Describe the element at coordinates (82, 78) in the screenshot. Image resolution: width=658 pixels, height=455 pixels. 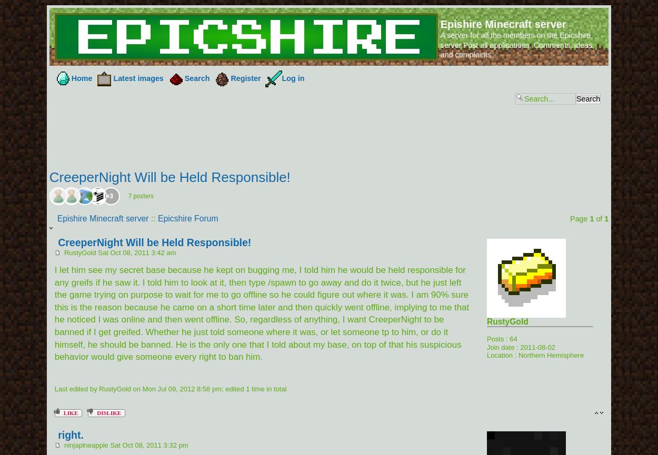
I see `'Home'` at that location.